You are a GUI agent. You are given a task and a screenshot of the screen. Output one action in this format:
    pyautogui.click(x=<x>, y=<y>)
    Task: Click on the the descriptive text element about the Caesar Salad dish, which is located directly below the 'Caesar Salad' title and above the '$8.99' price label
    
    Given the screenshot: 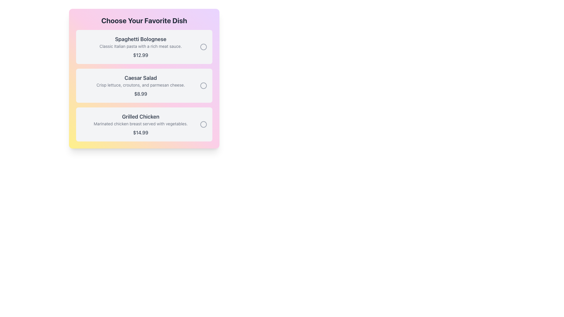 What is the action you would take?
    pyautogui.click(x=140, y=85)
    